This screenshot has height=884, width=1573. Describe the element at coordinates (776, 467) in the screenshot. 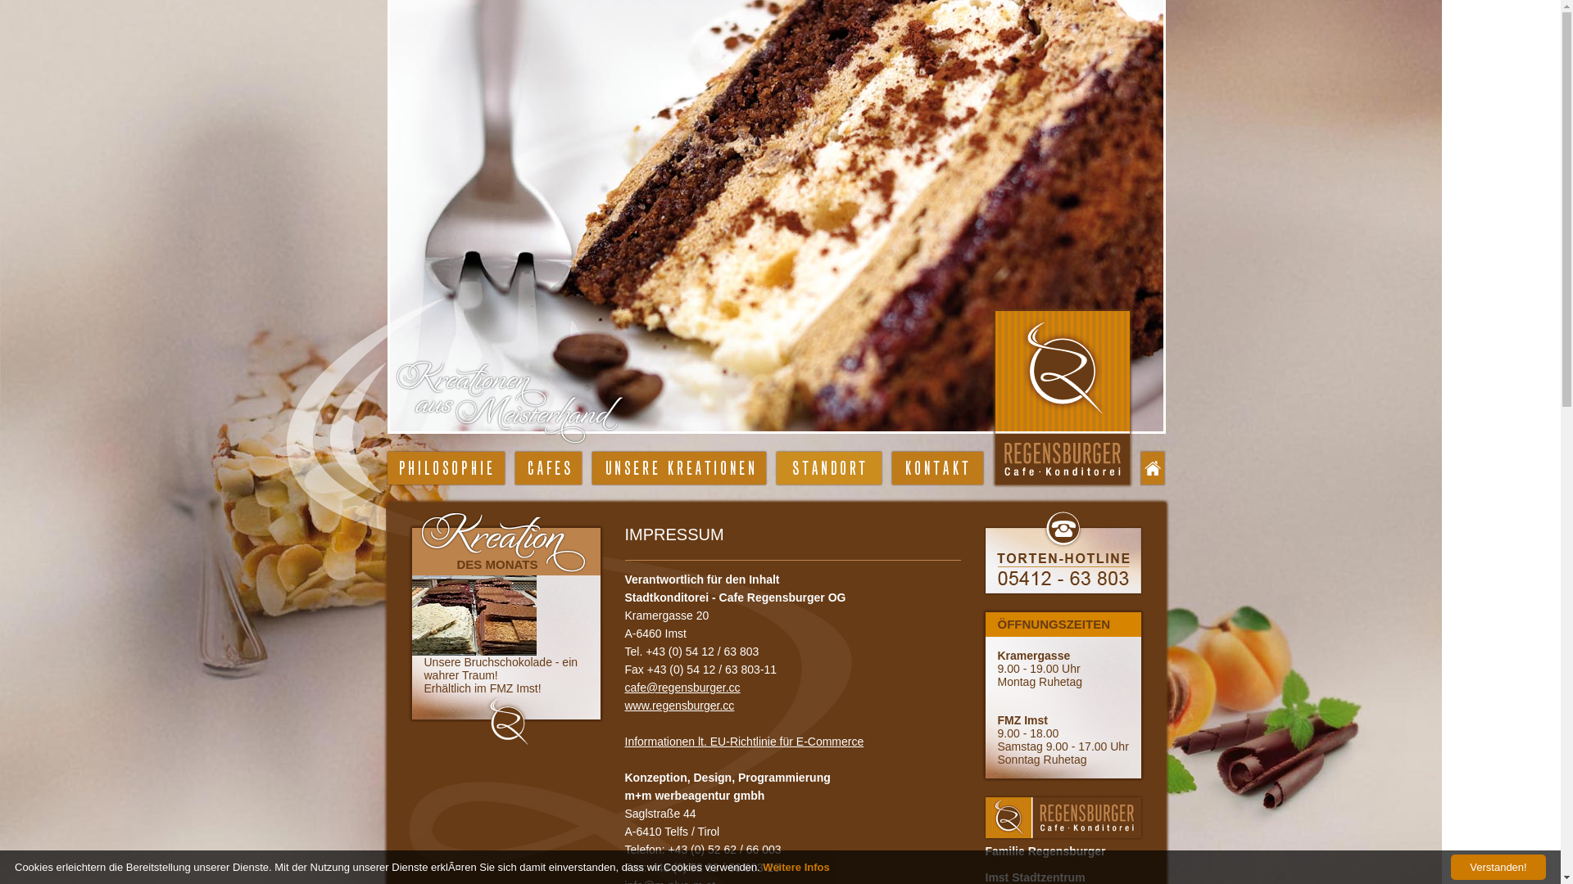

I see `'STANDORTE'` at that location.